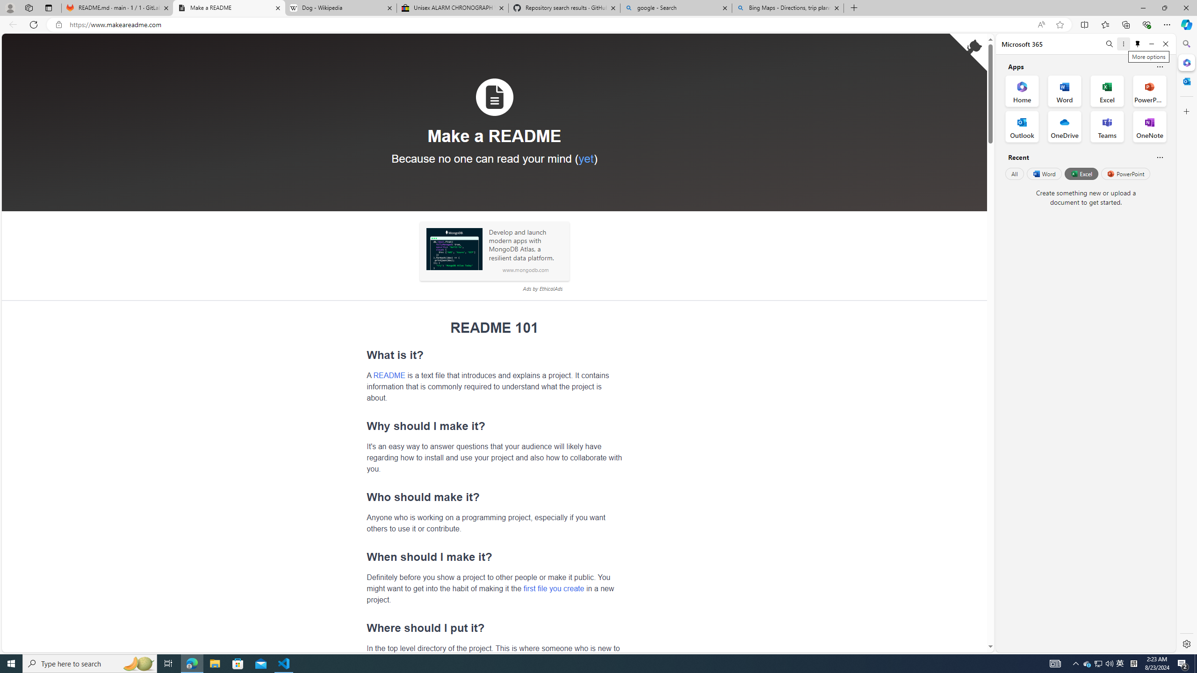 This screenshot has width=1197, height=673. I want to click on 'Excel Office App', so click(1107, 91).